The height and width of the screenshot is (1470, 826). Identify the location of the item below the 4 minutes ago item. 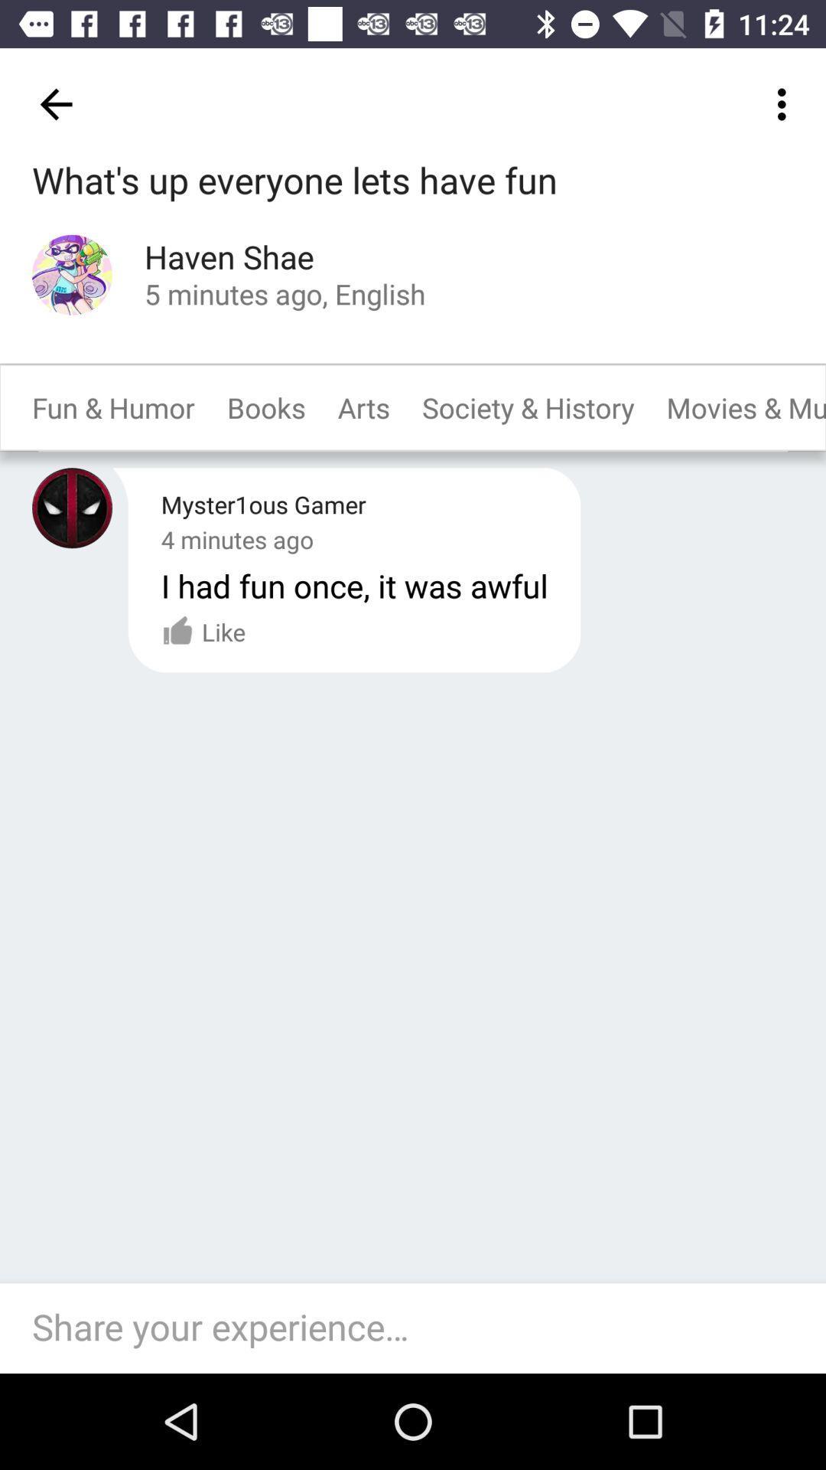
(354, 584).